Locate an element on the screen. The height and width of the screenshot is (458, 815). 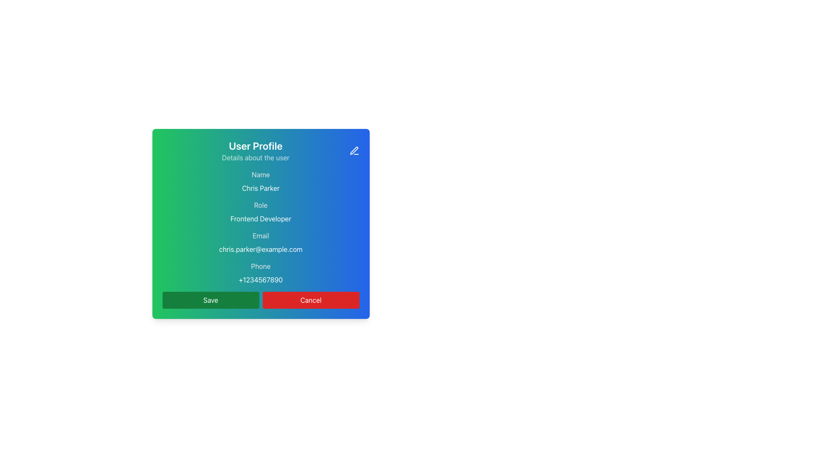
the cancel button located at the lower right section of the interface, specifically the second button from the left is located at coordinates (310, 300).